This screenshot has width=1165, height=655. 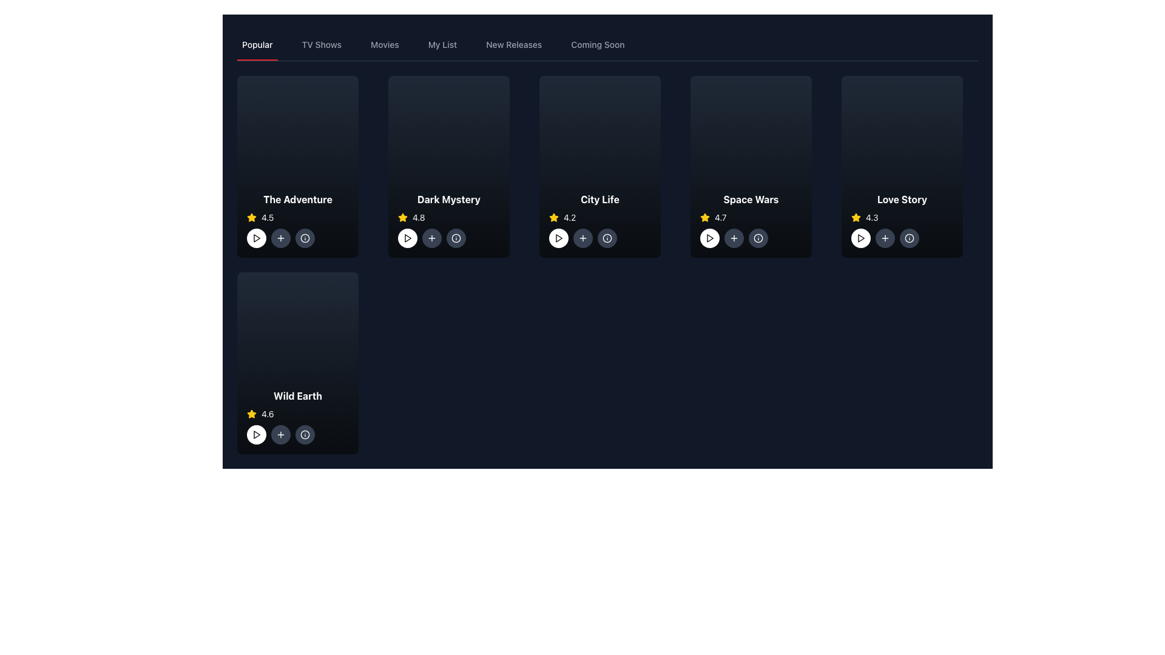 I want to click on the yellow filled star icon representing the rating system for accessibility purposes, located to the left of the '4.7' score text in the 'Space Wars' card, so click(x=704, y=217).